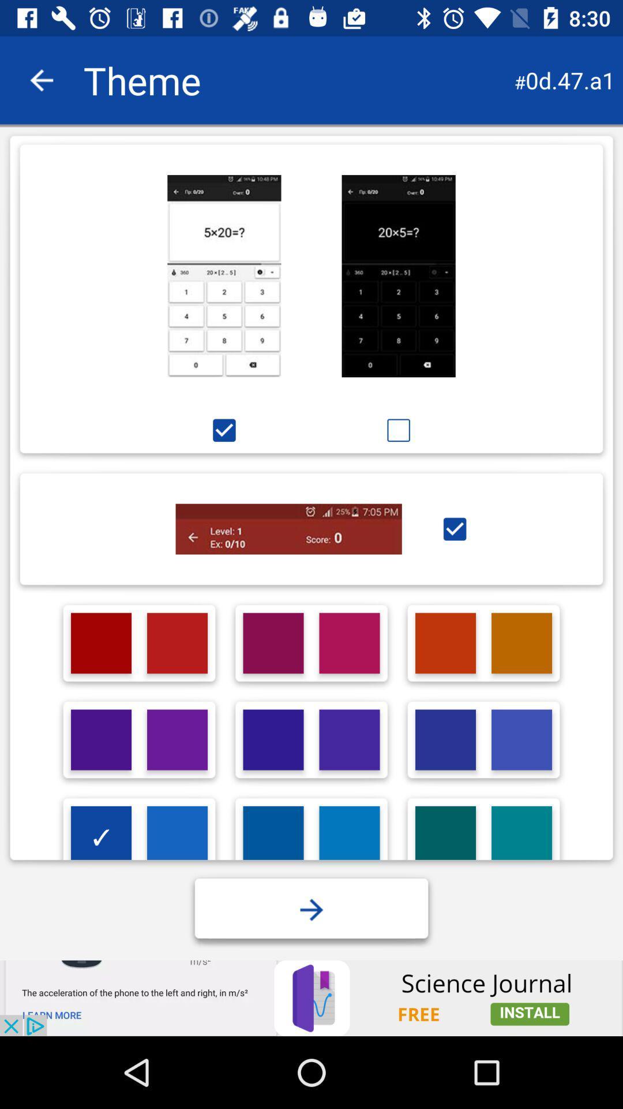 The image size is (623, 1109). Describe the element at coordinates (41, 80) in the screenshot. I see `the arrow_backward icon` at that location.